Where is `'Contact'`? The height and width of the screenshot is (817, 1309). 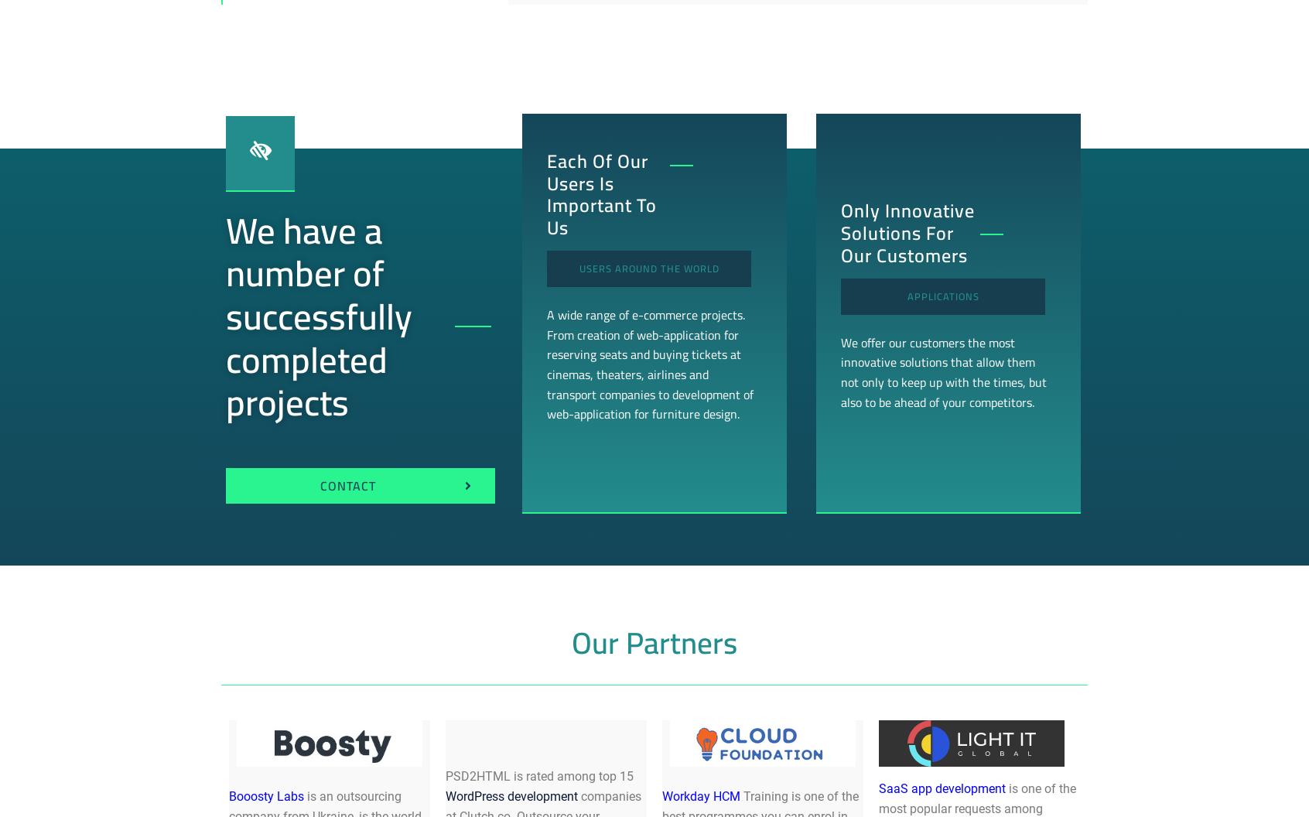
'Contact' is located at coordinates (347, 484).